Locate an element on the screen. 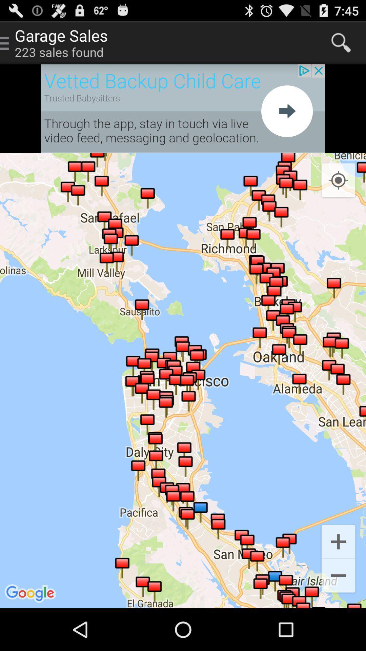 The image size is (366, 651). search is located at coordinates (341, 42).